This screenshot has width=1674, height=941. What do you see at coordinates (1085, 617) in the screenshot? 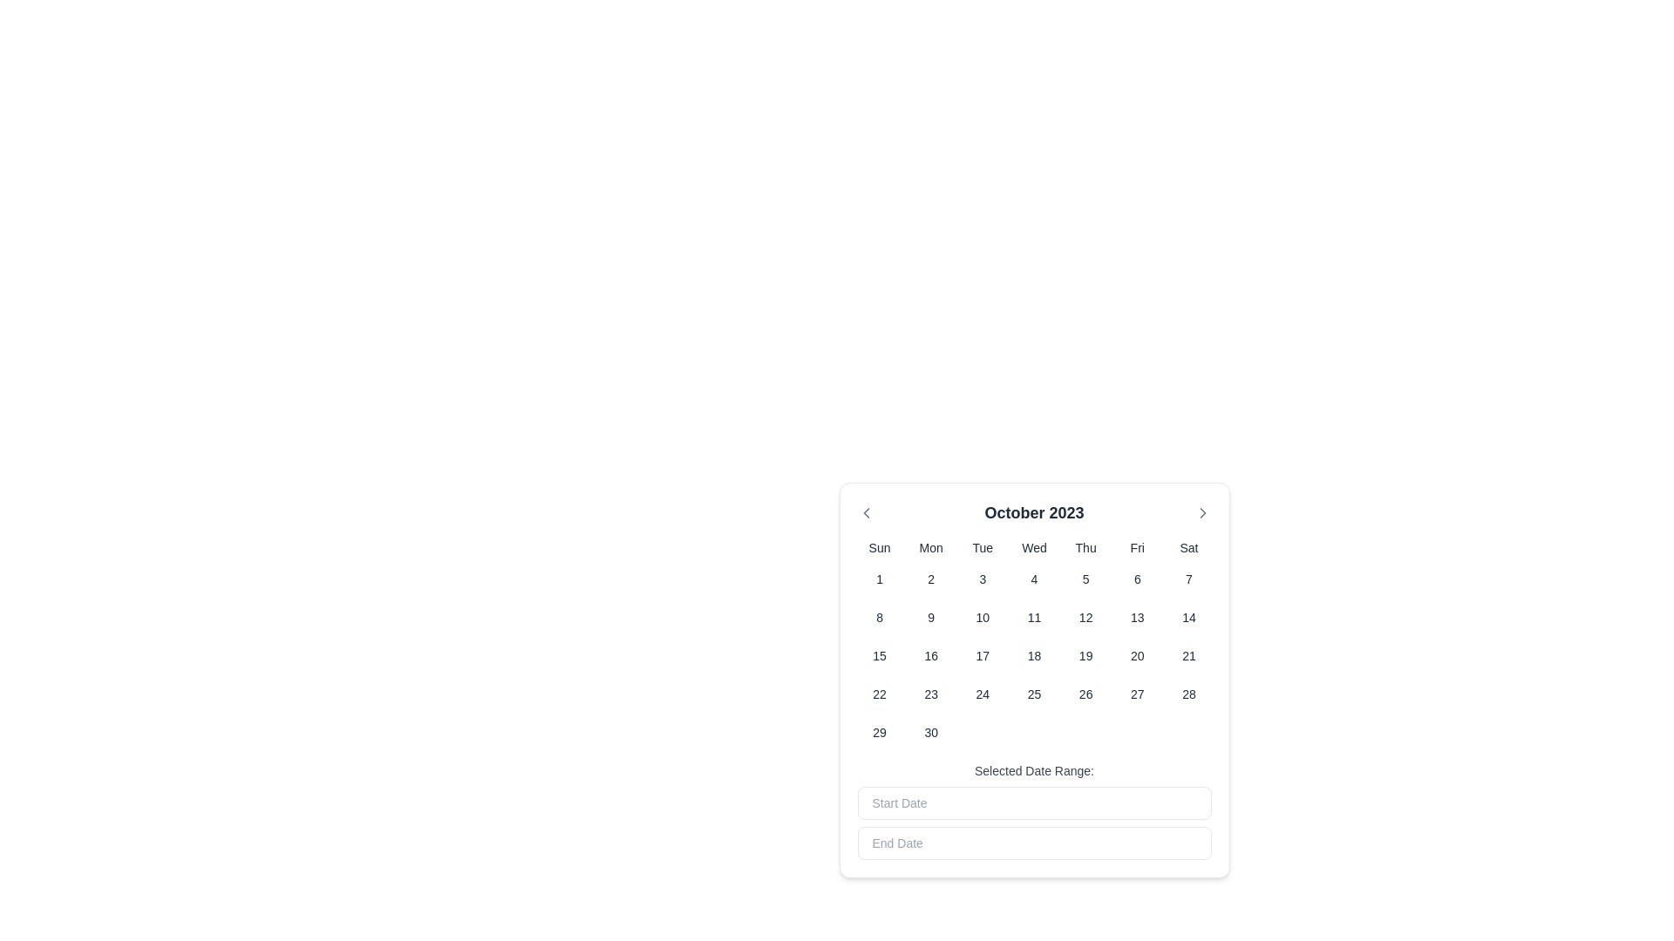
I see `the date cell for October 12, 2023` at bounding box center [1085, 617].